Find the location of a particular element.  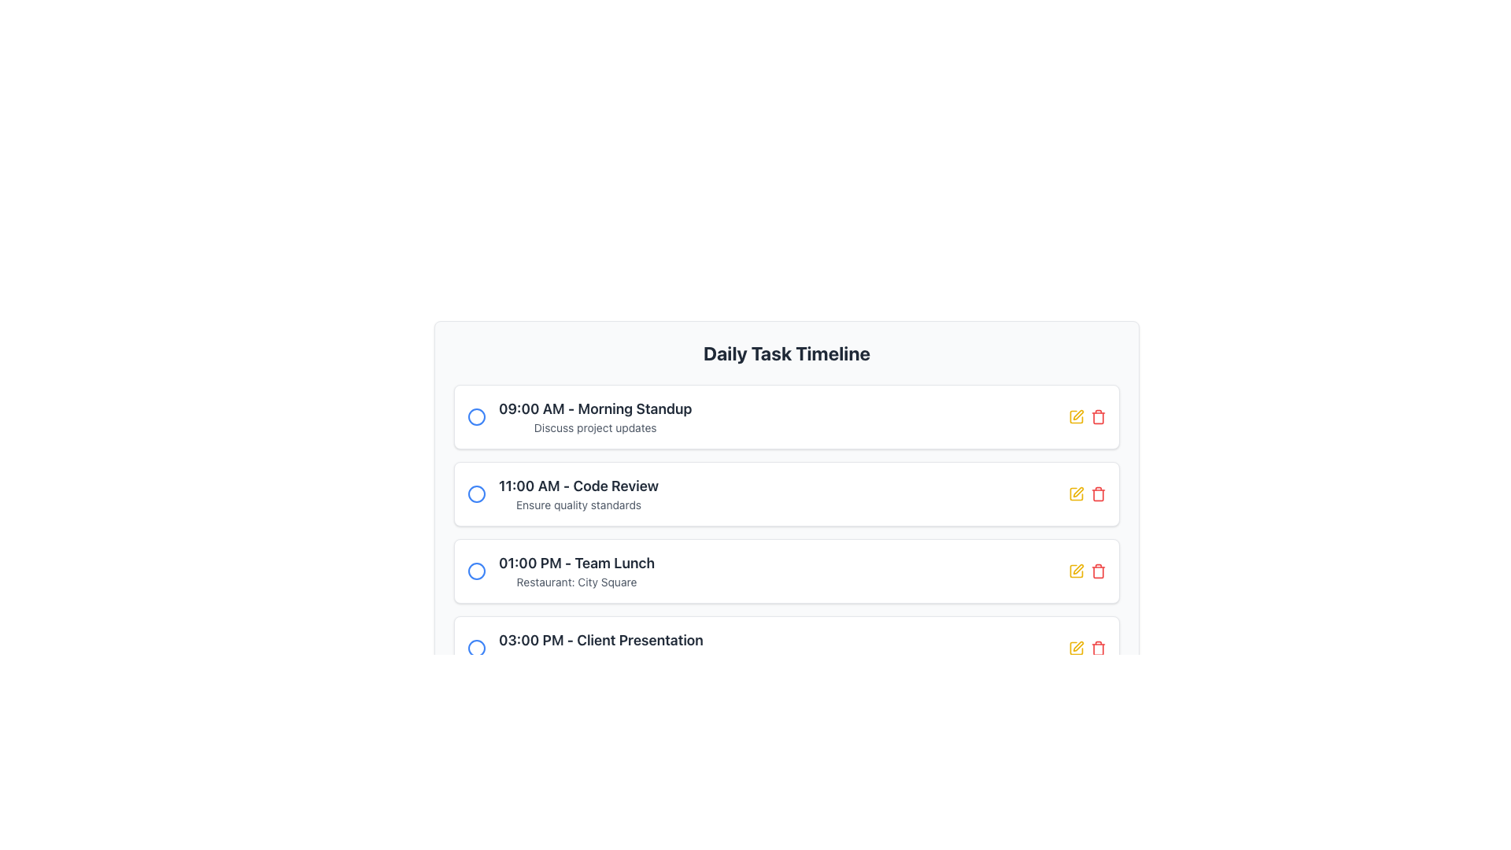

the delete button located to the immediate right of the yellow pencil icon in the task timeline is located at coordinates (1098, 493).